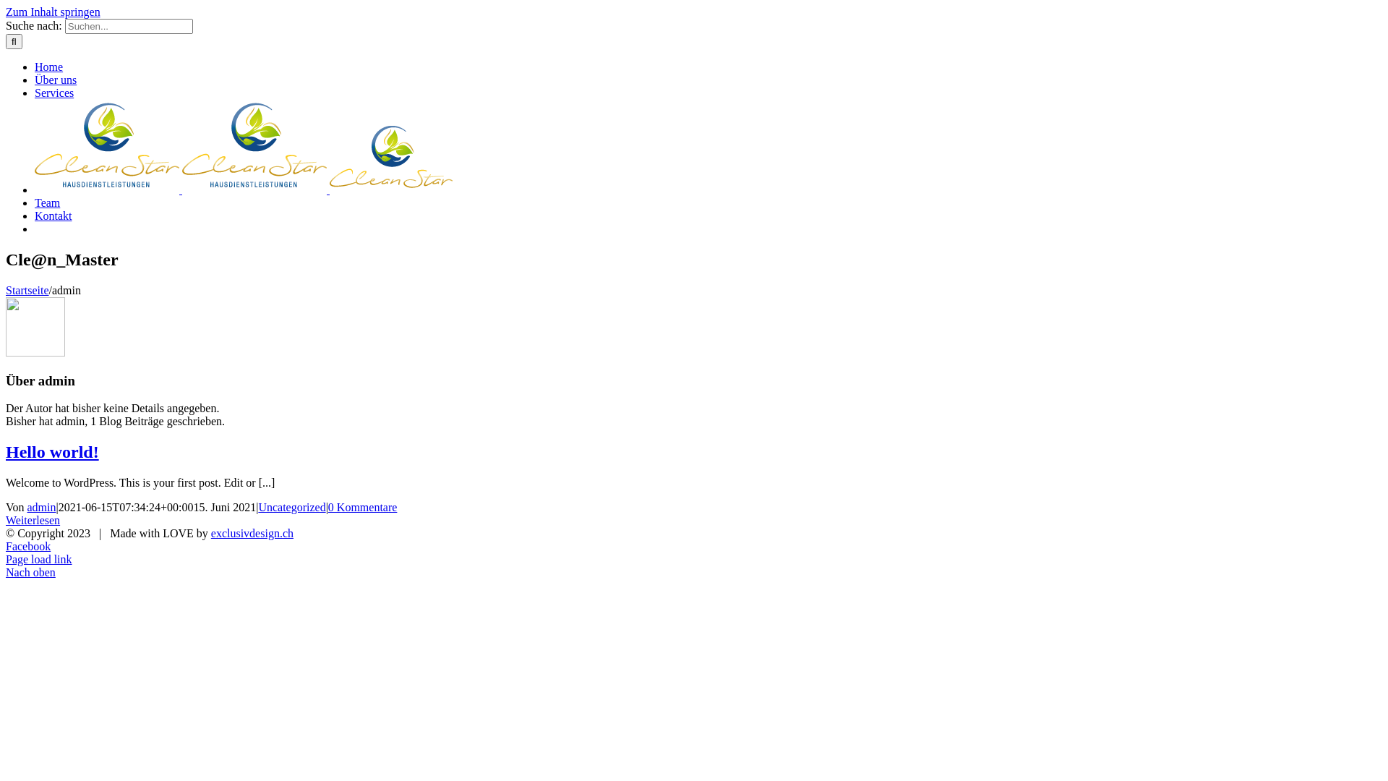  What do you see at coordinates (54, 93) in the screenshot?
I see `'Services'` at bounding box center [54, 93].